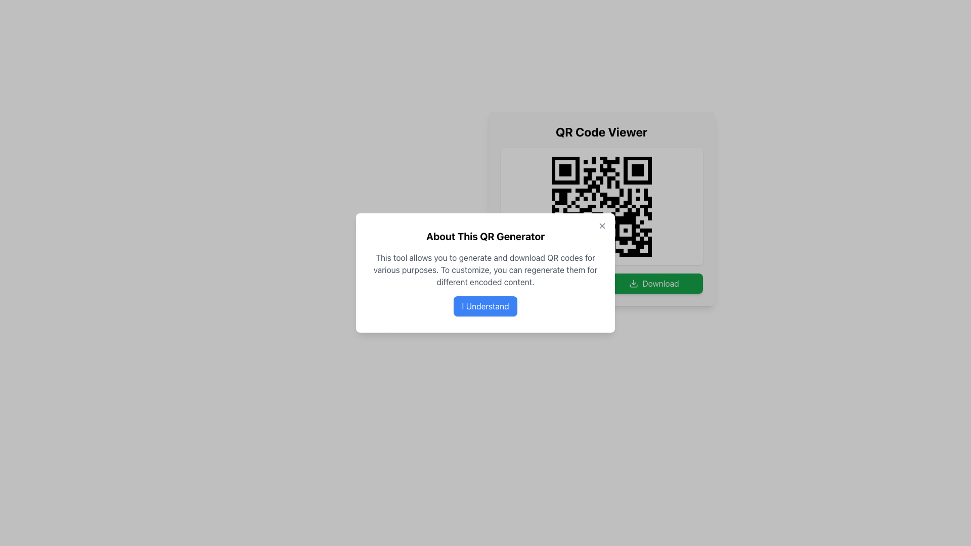 This screenshot has height=546, width=971. I want to click on the close button in the top-right corner of the QR Code Generator modal, which is represented by a small gray 'X' icon, so click(602, 225).